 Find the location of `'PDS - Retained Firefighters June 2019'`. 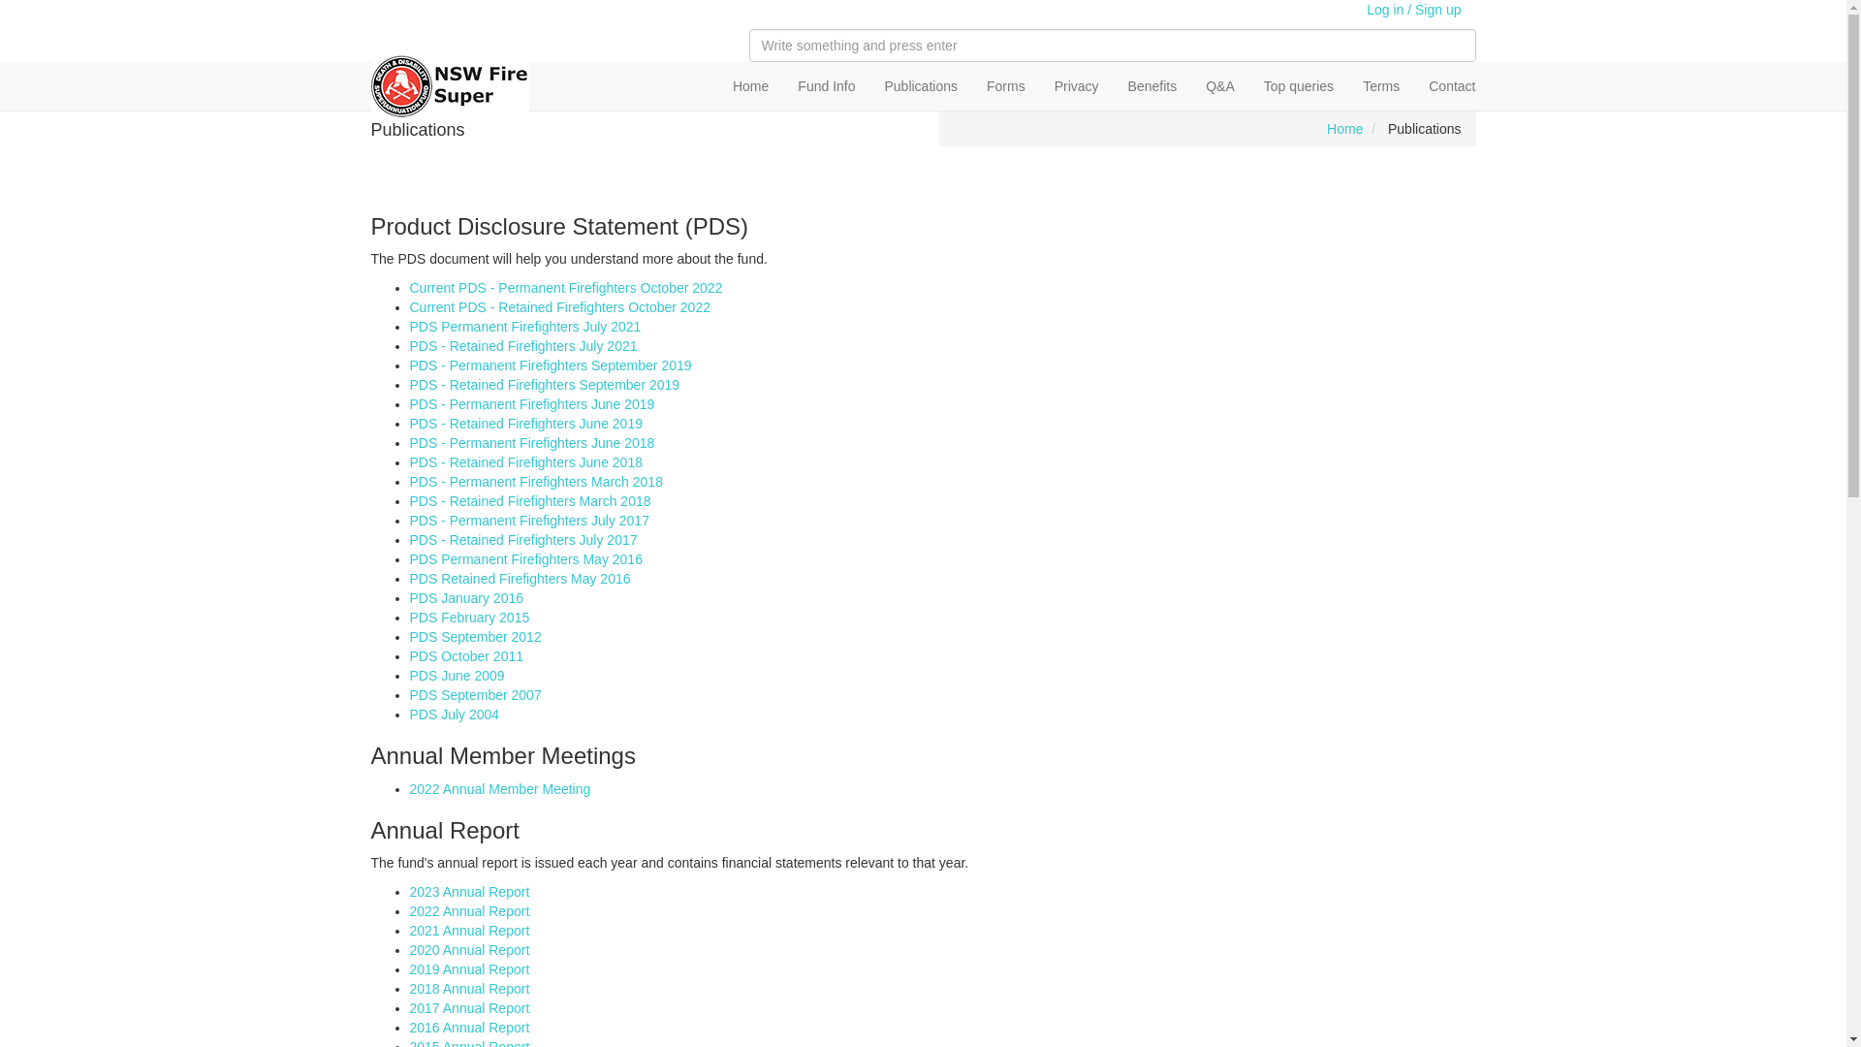

'PDS - Retained Firefighters June 2019' is located at coordinates (525, 422).